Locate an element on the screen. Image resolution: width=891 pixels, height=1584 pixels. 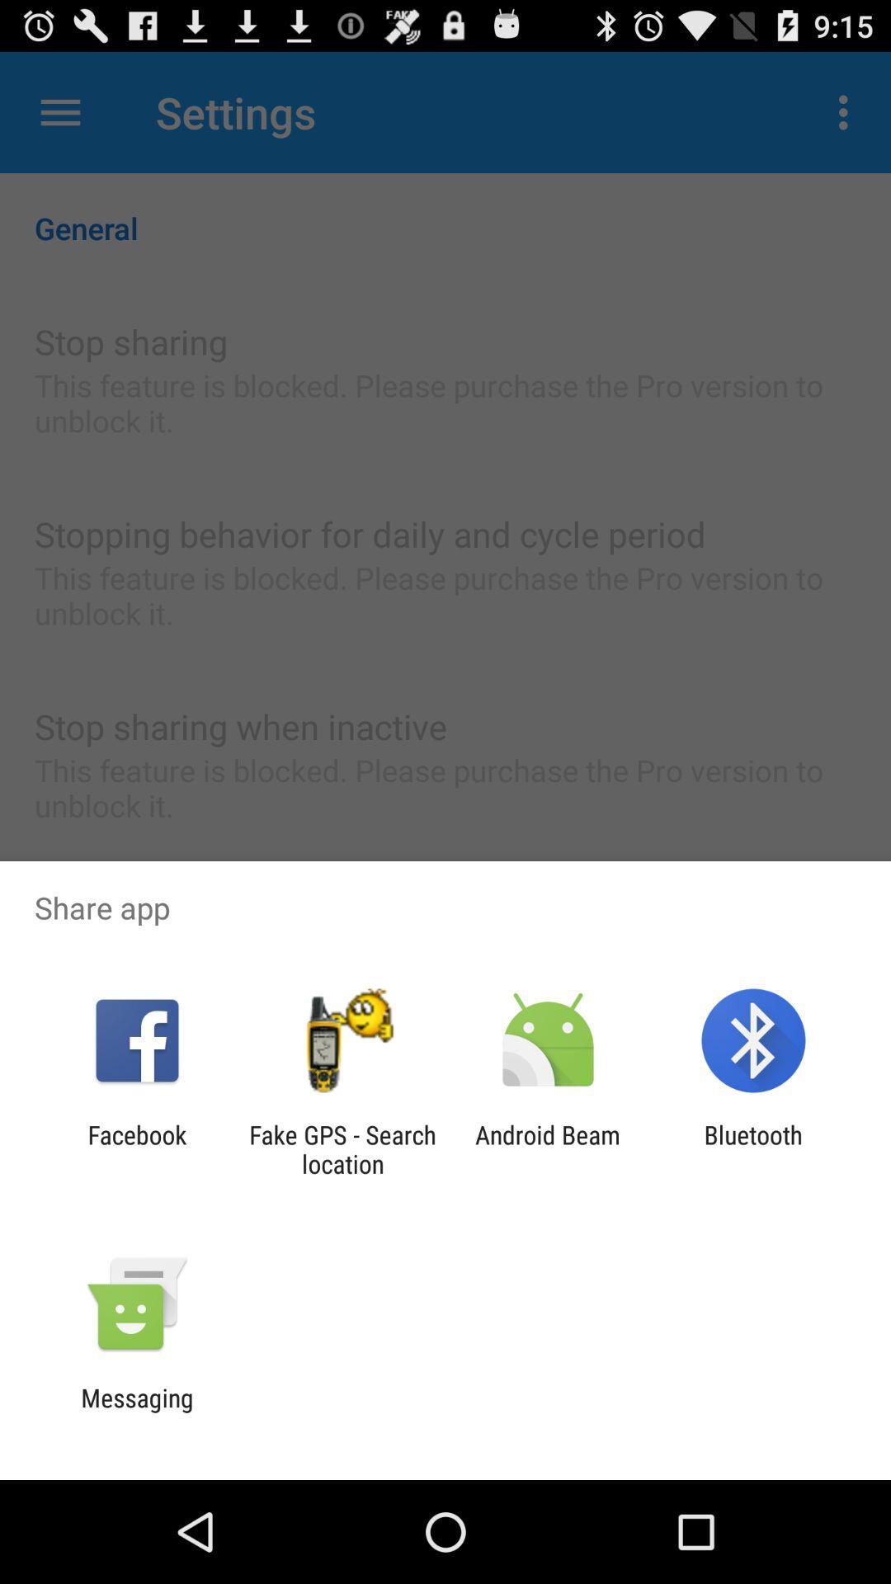
app to the left of the fake gps search icon is located at coordinates (136, 1148).